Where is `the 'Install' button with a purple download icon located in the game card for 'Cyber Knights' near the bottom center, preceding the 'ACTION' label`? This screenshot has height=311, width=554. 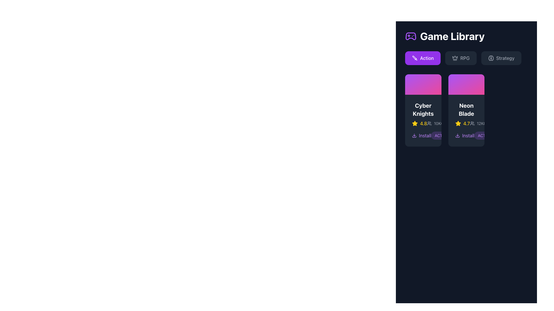
the 'Install' button with a purple download icon located in the game card for 'Cyber Knights' near the bottom center, preceding the 'ACTION' label is located at coordinates (423, 135).